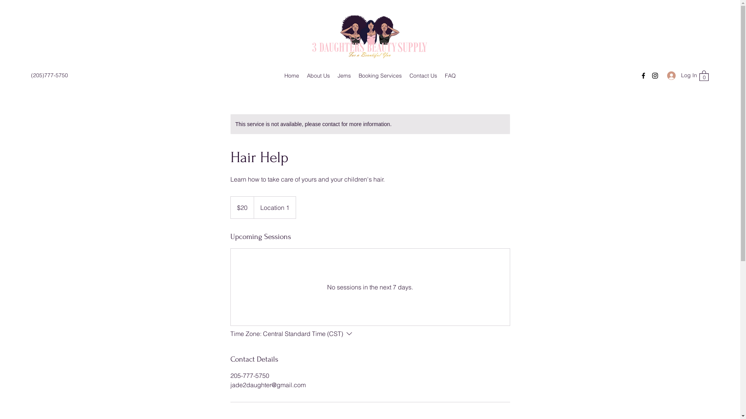  Describe the element at coordinates (380, 76) in the screenshot. I see `'Booking Services'` at that location.